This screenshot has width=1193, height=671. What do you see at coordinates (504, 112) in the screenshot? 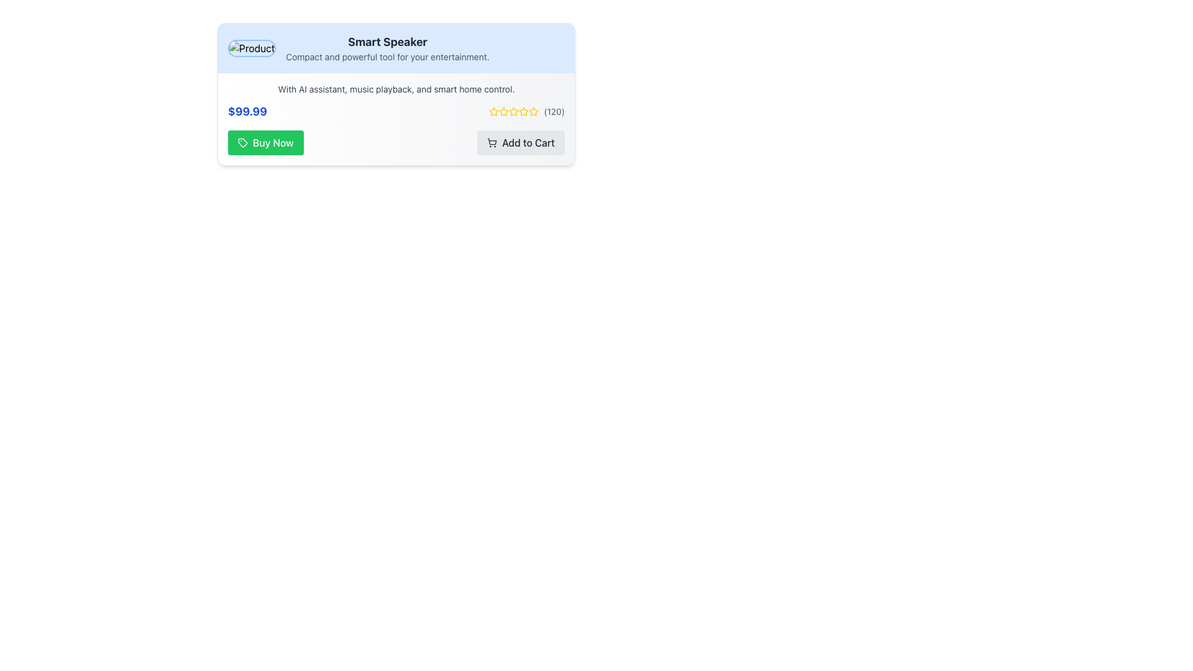
I see `the third yellow star in the 5-star rating system to rate the product` at bounding box center [504, 112].